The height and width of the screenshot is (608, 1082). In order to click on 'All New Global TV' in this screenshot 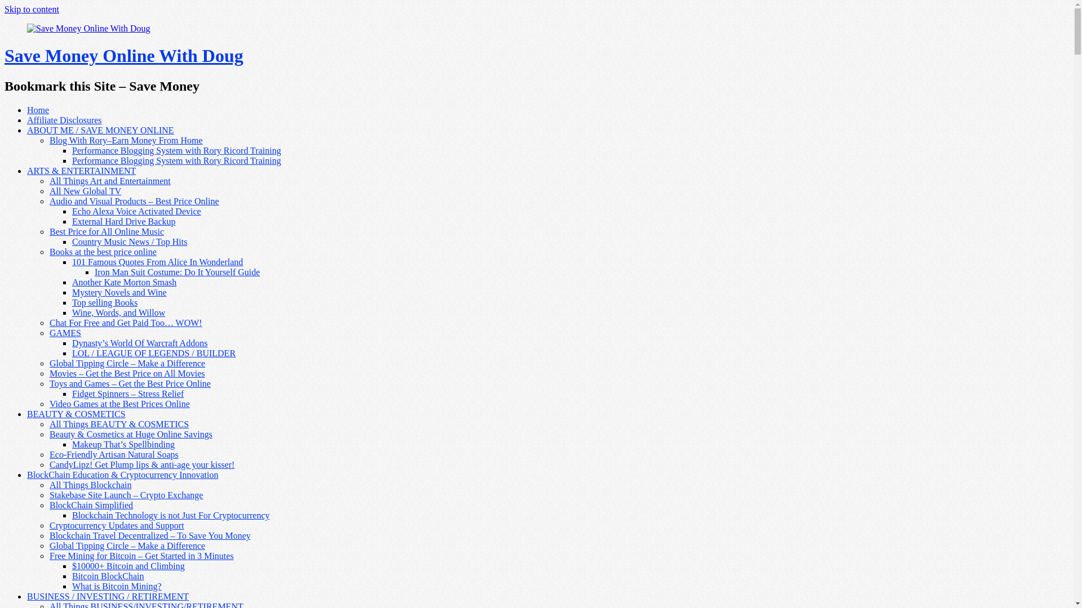, I will do `click(85, 190)`.